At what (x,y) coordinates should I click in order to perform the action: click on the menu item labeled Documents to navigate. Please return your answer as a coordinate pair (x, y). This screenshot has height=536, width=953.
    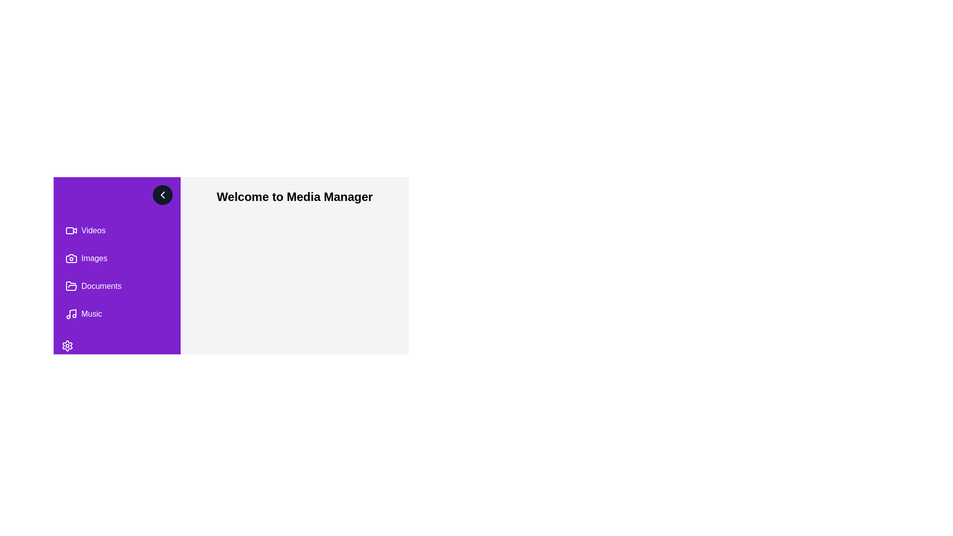
    Looking at the image, I should click on (117, 286).